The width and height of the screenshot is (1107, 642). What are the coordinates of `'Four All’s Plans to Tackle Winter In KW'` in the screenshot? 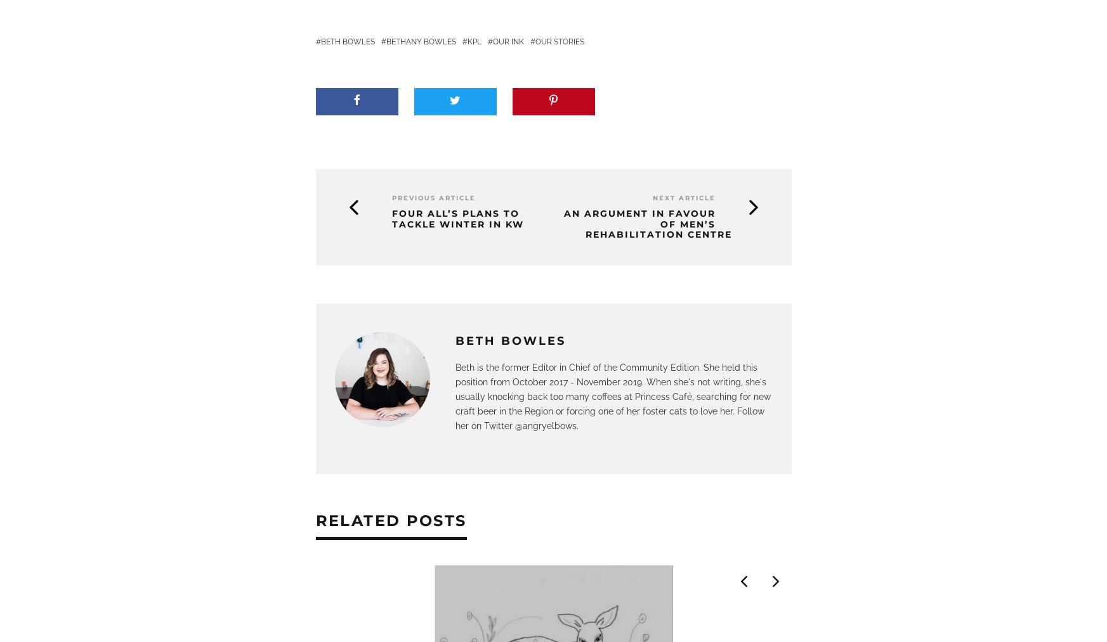 It's located at (391, 218).